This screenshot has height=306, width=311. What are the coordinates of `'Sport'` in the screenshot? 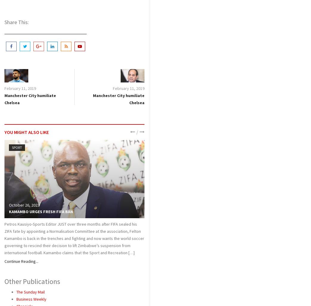 It's located at (17, 147).